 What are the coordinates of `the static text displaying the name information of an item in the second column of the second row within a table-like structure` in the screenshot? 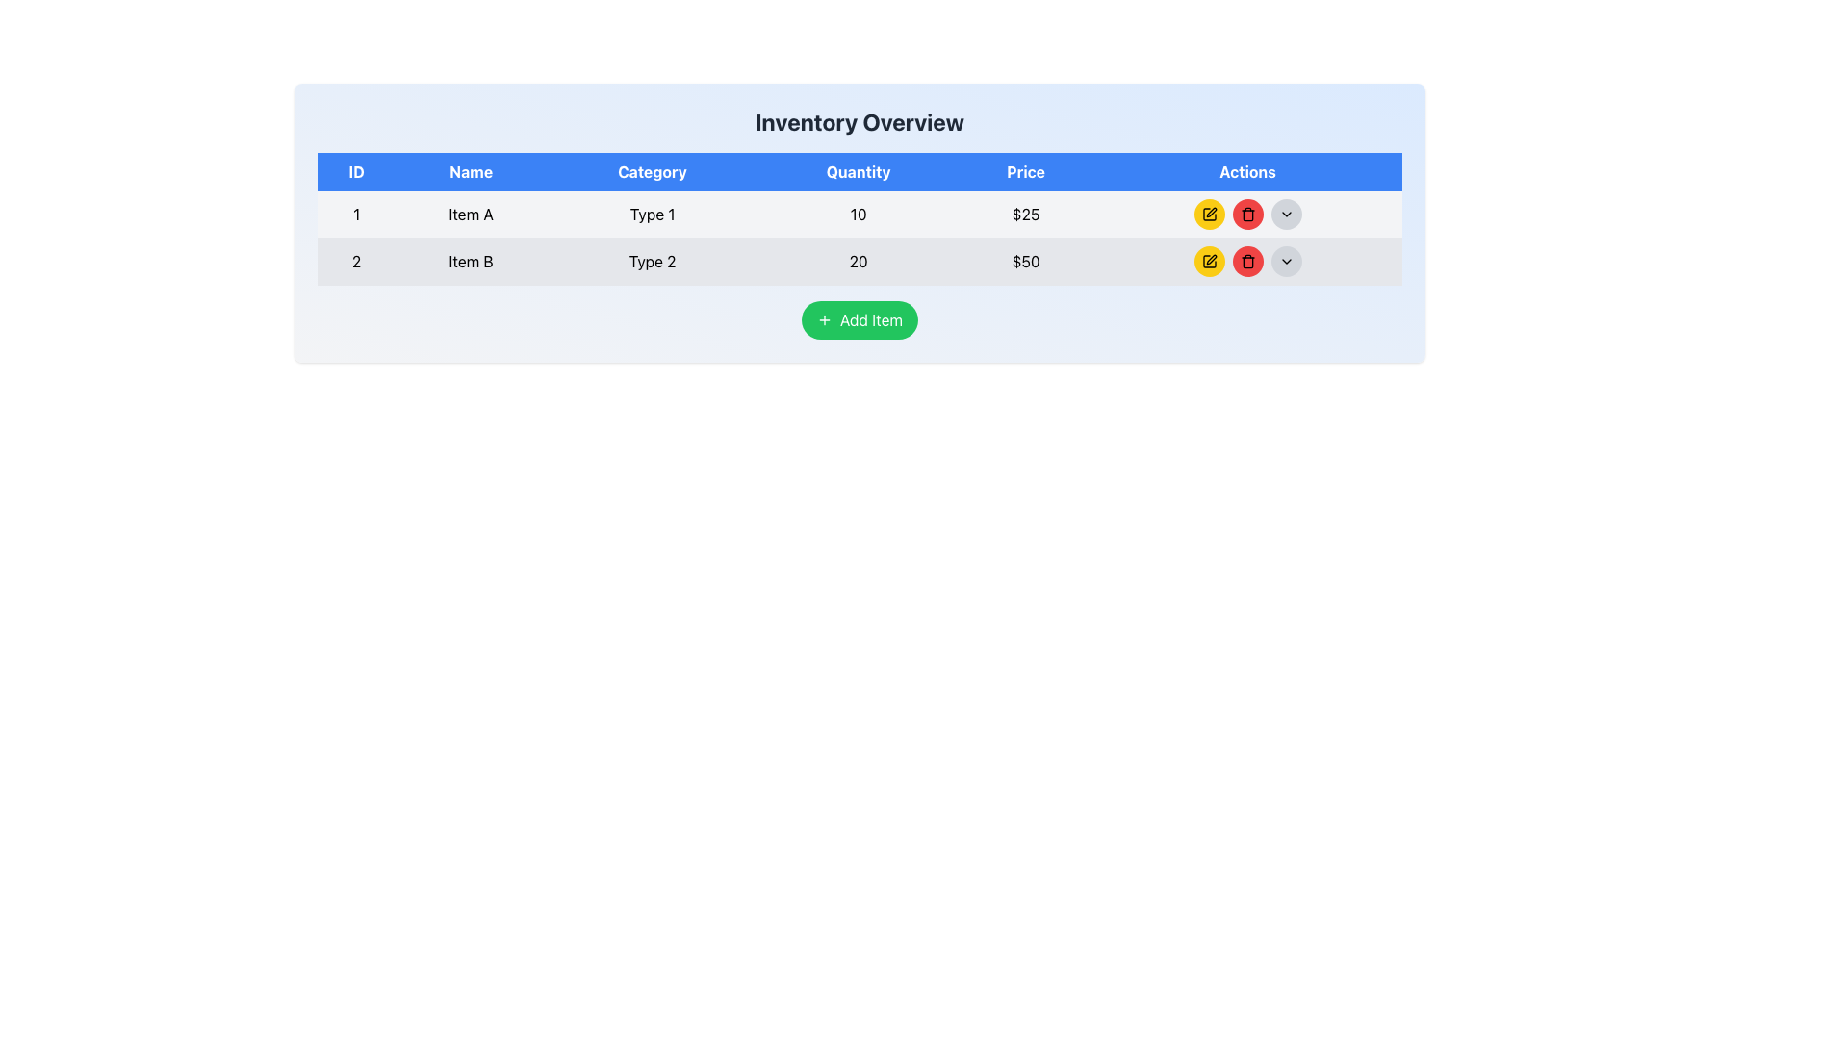 It's located at (471, 262).